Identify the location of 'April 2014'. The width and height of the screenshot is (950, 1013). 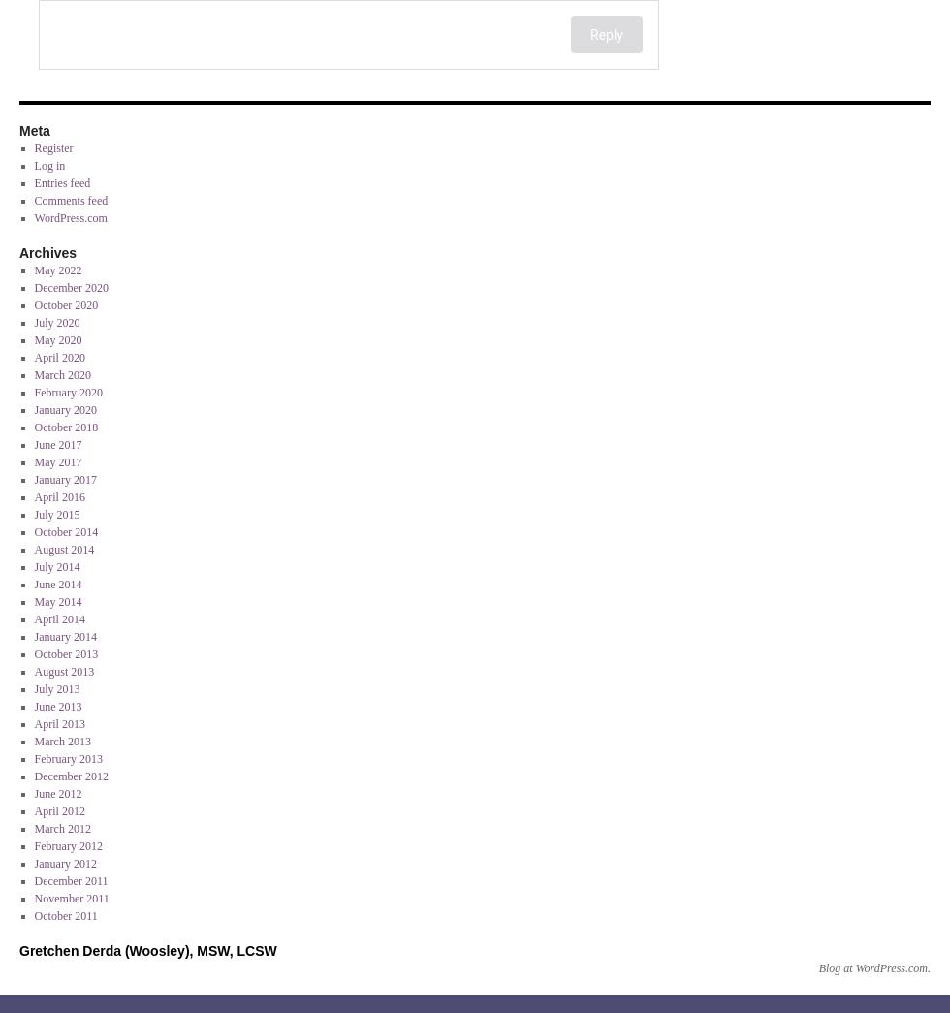
(33, 618).